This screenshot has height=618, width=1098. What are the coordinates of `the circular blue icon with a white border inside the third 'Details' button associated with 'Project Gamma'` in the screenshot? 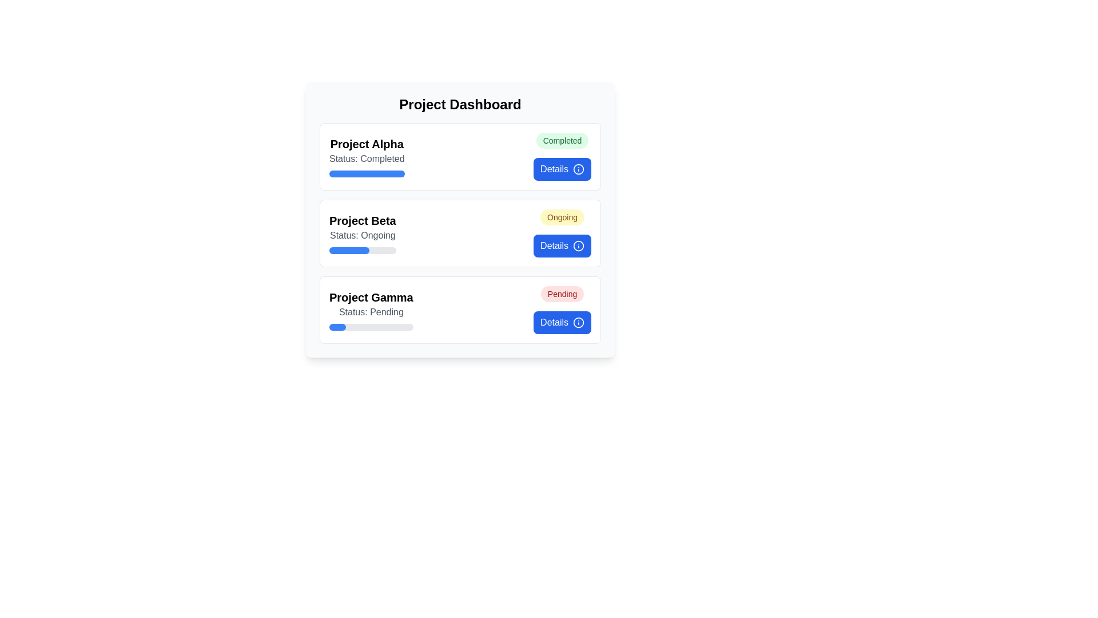 It's located at (579, 322).